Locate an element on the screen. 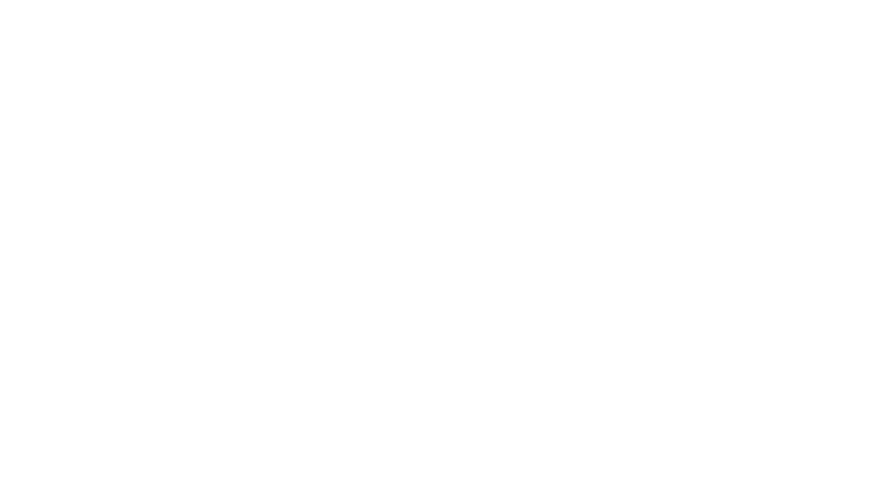 The width and height of the screenshot is (874, 498). 'Resolution:' is located at coordinates (232, 92).